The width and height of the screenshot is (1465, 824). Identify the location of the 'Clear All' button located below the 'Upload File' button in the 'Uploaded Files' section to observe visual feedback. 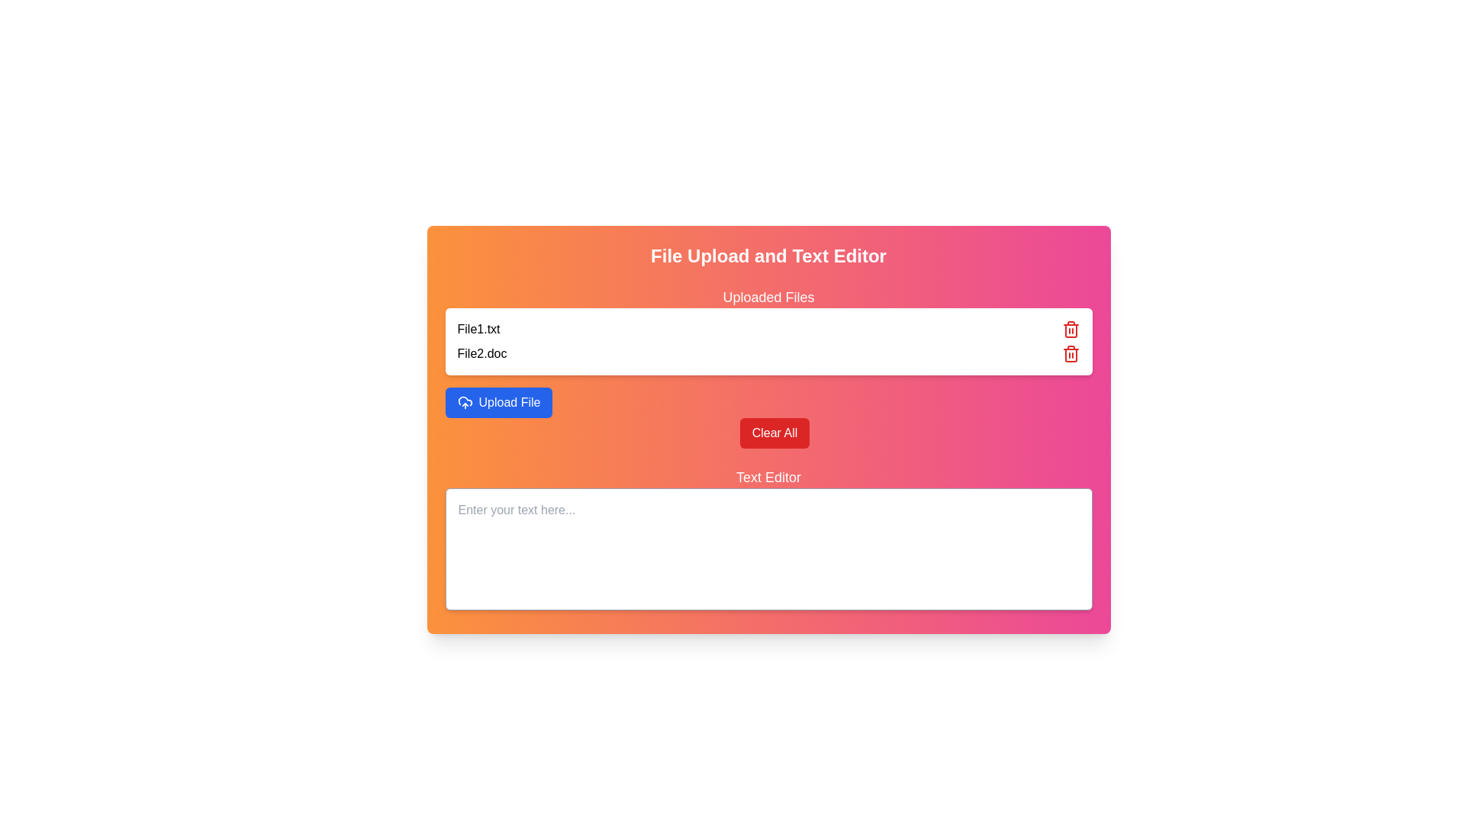
(774, 433).